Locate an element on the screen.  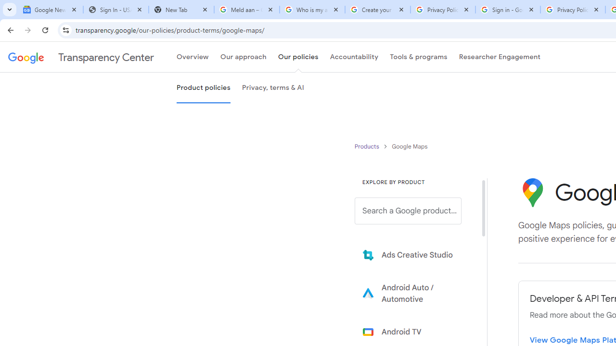
'Researcher Engagement' is located at coordinates (500, 57).